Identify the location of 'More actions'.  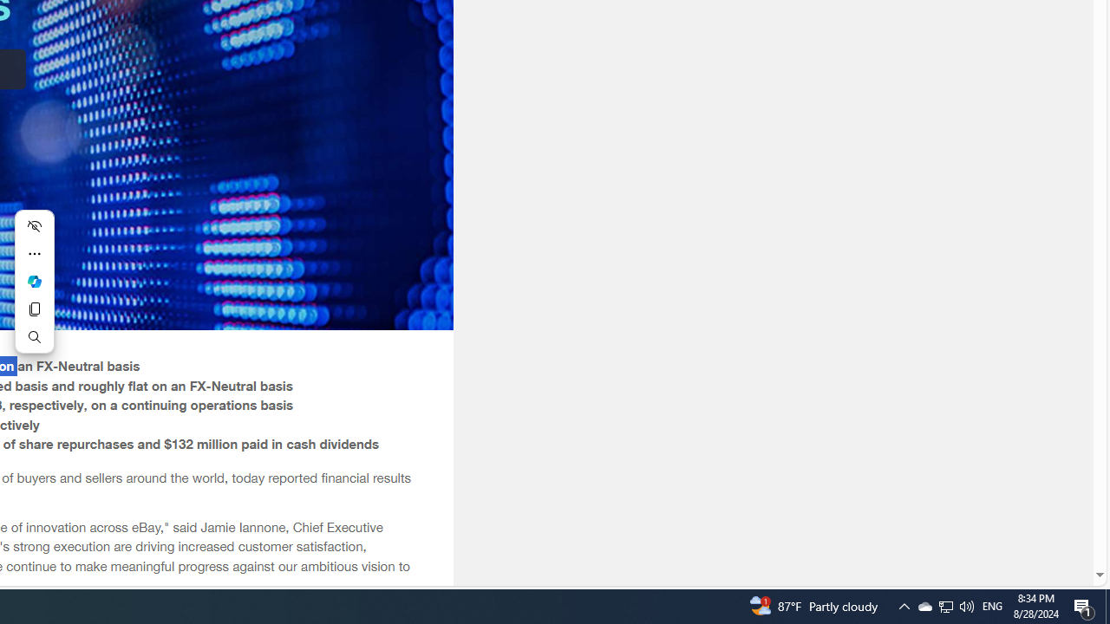
(34, 254).